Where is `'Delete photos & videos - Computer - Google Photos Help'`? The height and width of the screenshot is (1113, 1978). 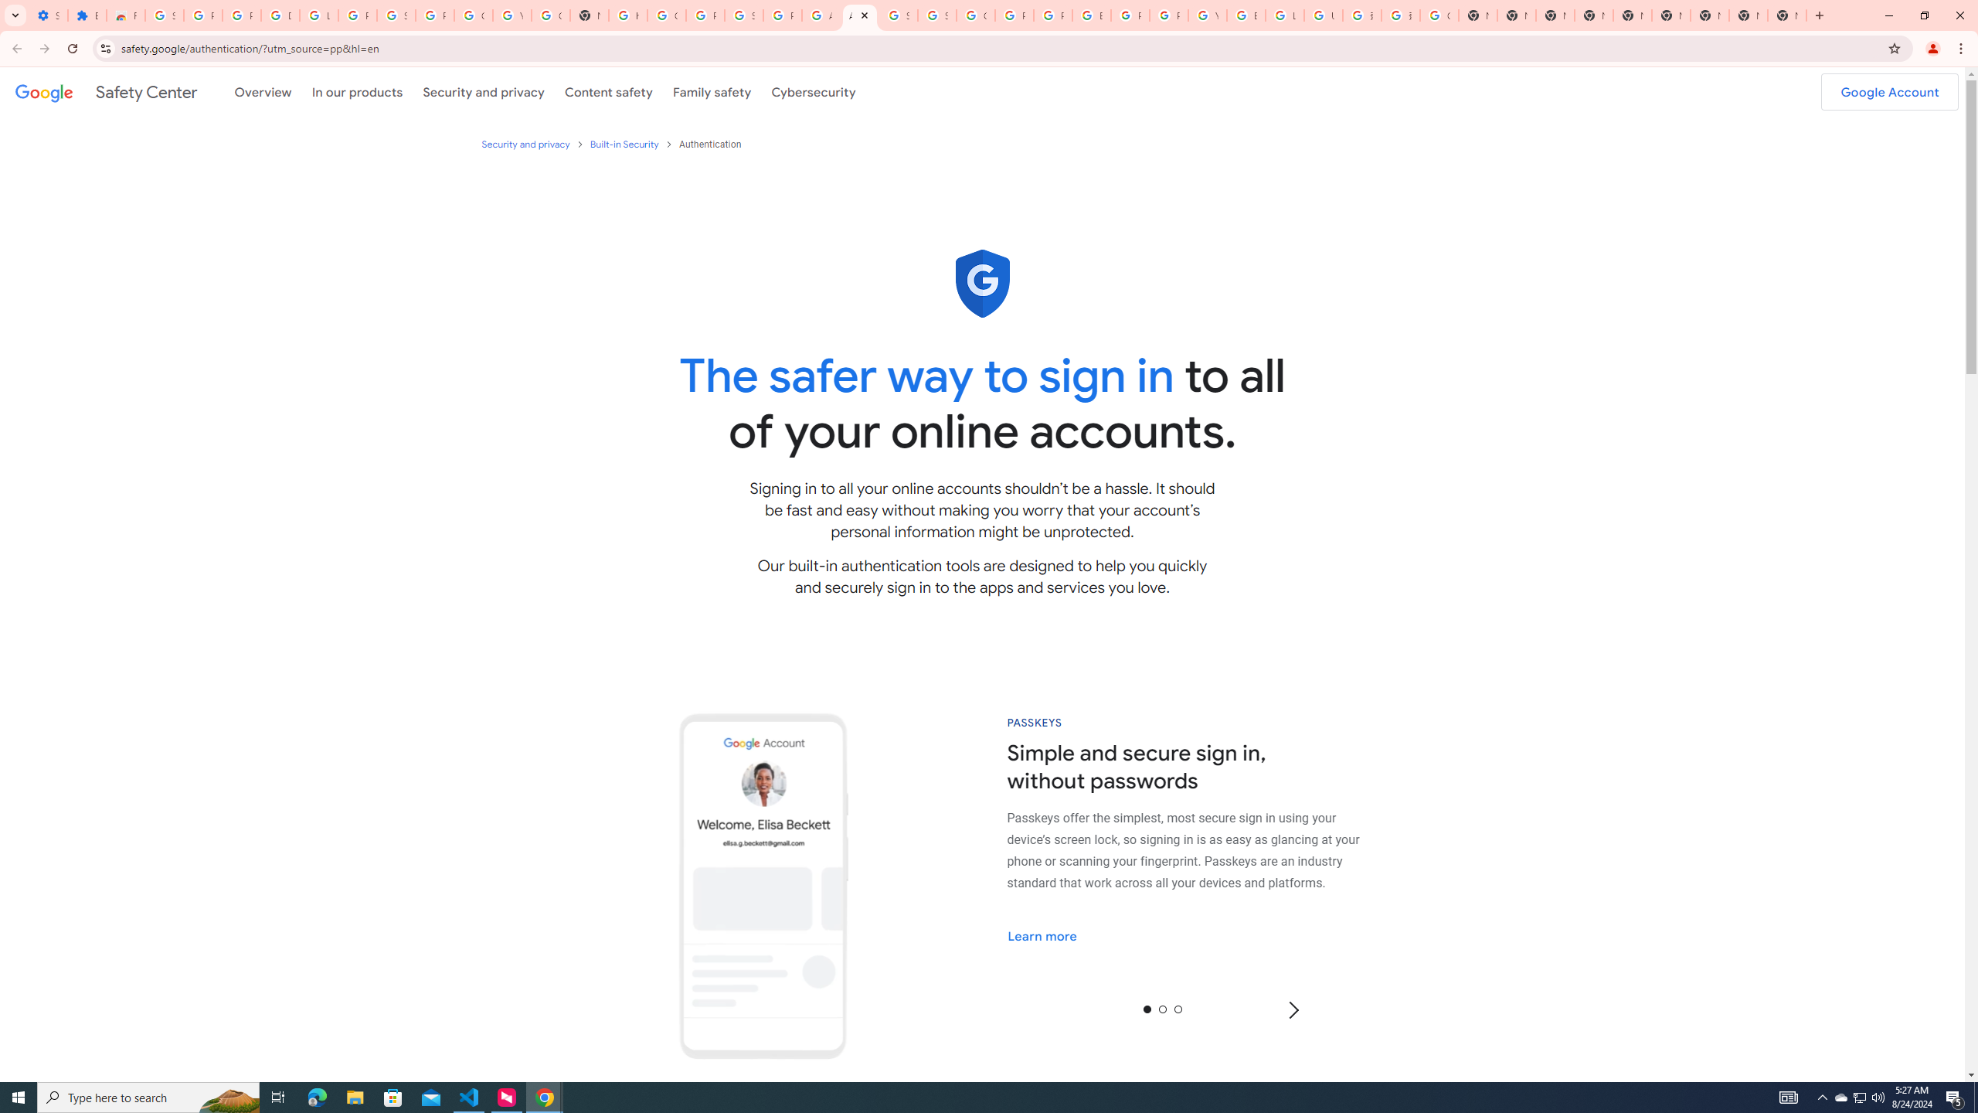
'Delete photos & videos - Computer - Google Photos Help' is located at coordinates (280, 15).